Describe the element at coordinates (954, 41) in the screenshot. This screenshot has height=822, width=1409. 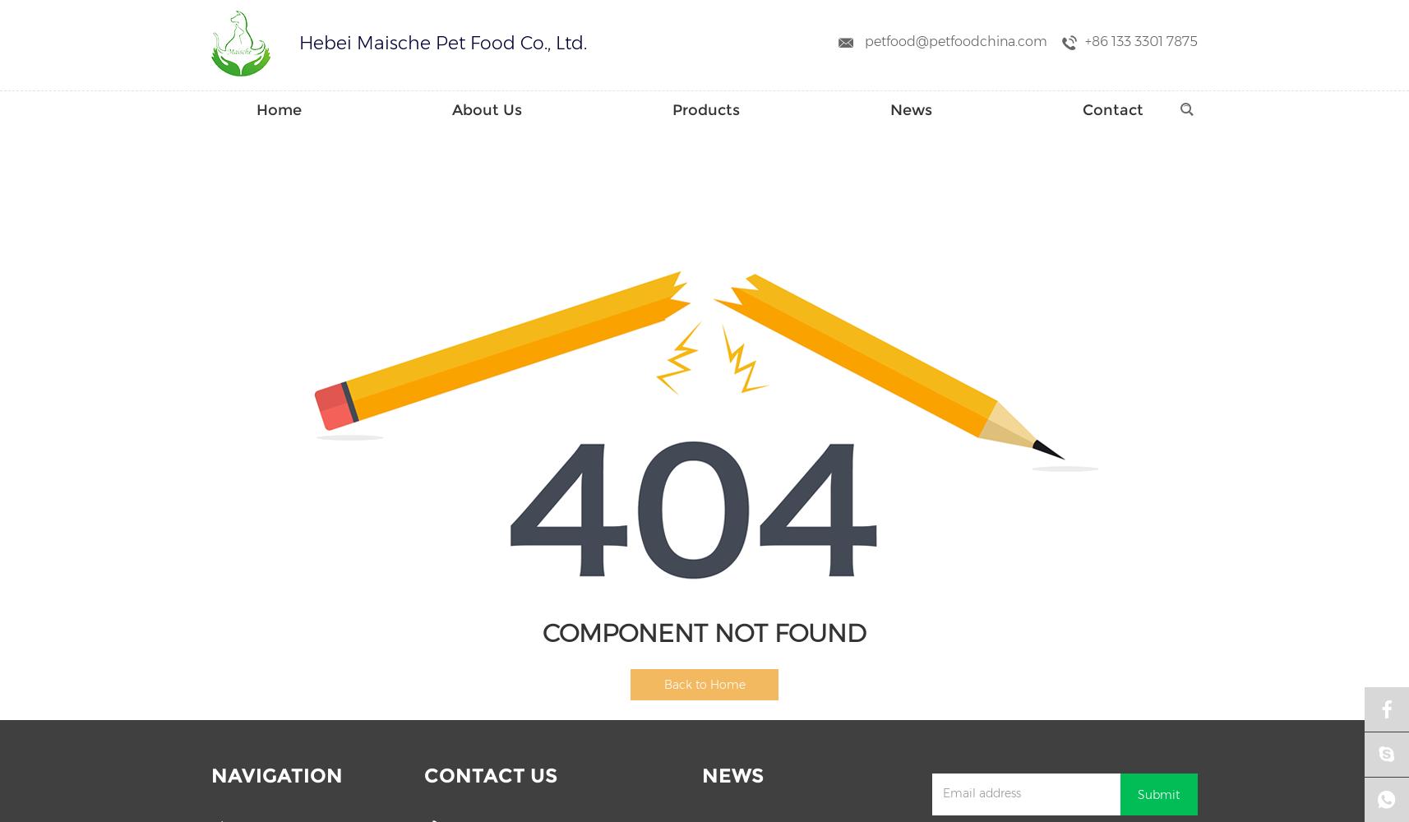
I see `'petfood@petfoodchina.com'` at that location.